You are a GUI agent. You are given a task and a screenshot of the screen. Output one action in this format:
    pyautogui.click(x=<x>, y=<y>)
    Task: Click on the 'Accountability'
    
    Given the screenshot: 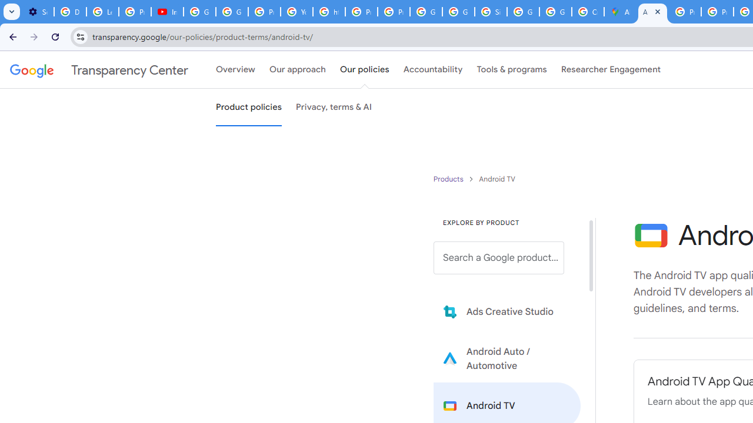 What is the action you would take?
    pyautogui.click(x=432, y=70)
    